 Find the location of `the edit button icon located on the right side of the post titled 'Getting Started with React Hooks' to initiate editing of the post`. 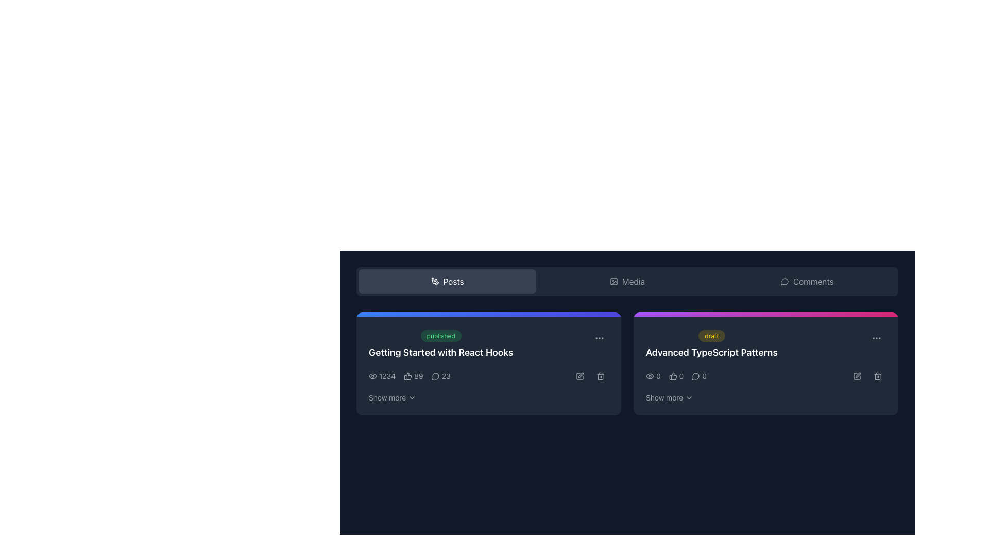

the edit button icon located on the right side of the post titled 'Getting Started with React Hooks' to initiate editing of the post is located at coordinates (580, 376).